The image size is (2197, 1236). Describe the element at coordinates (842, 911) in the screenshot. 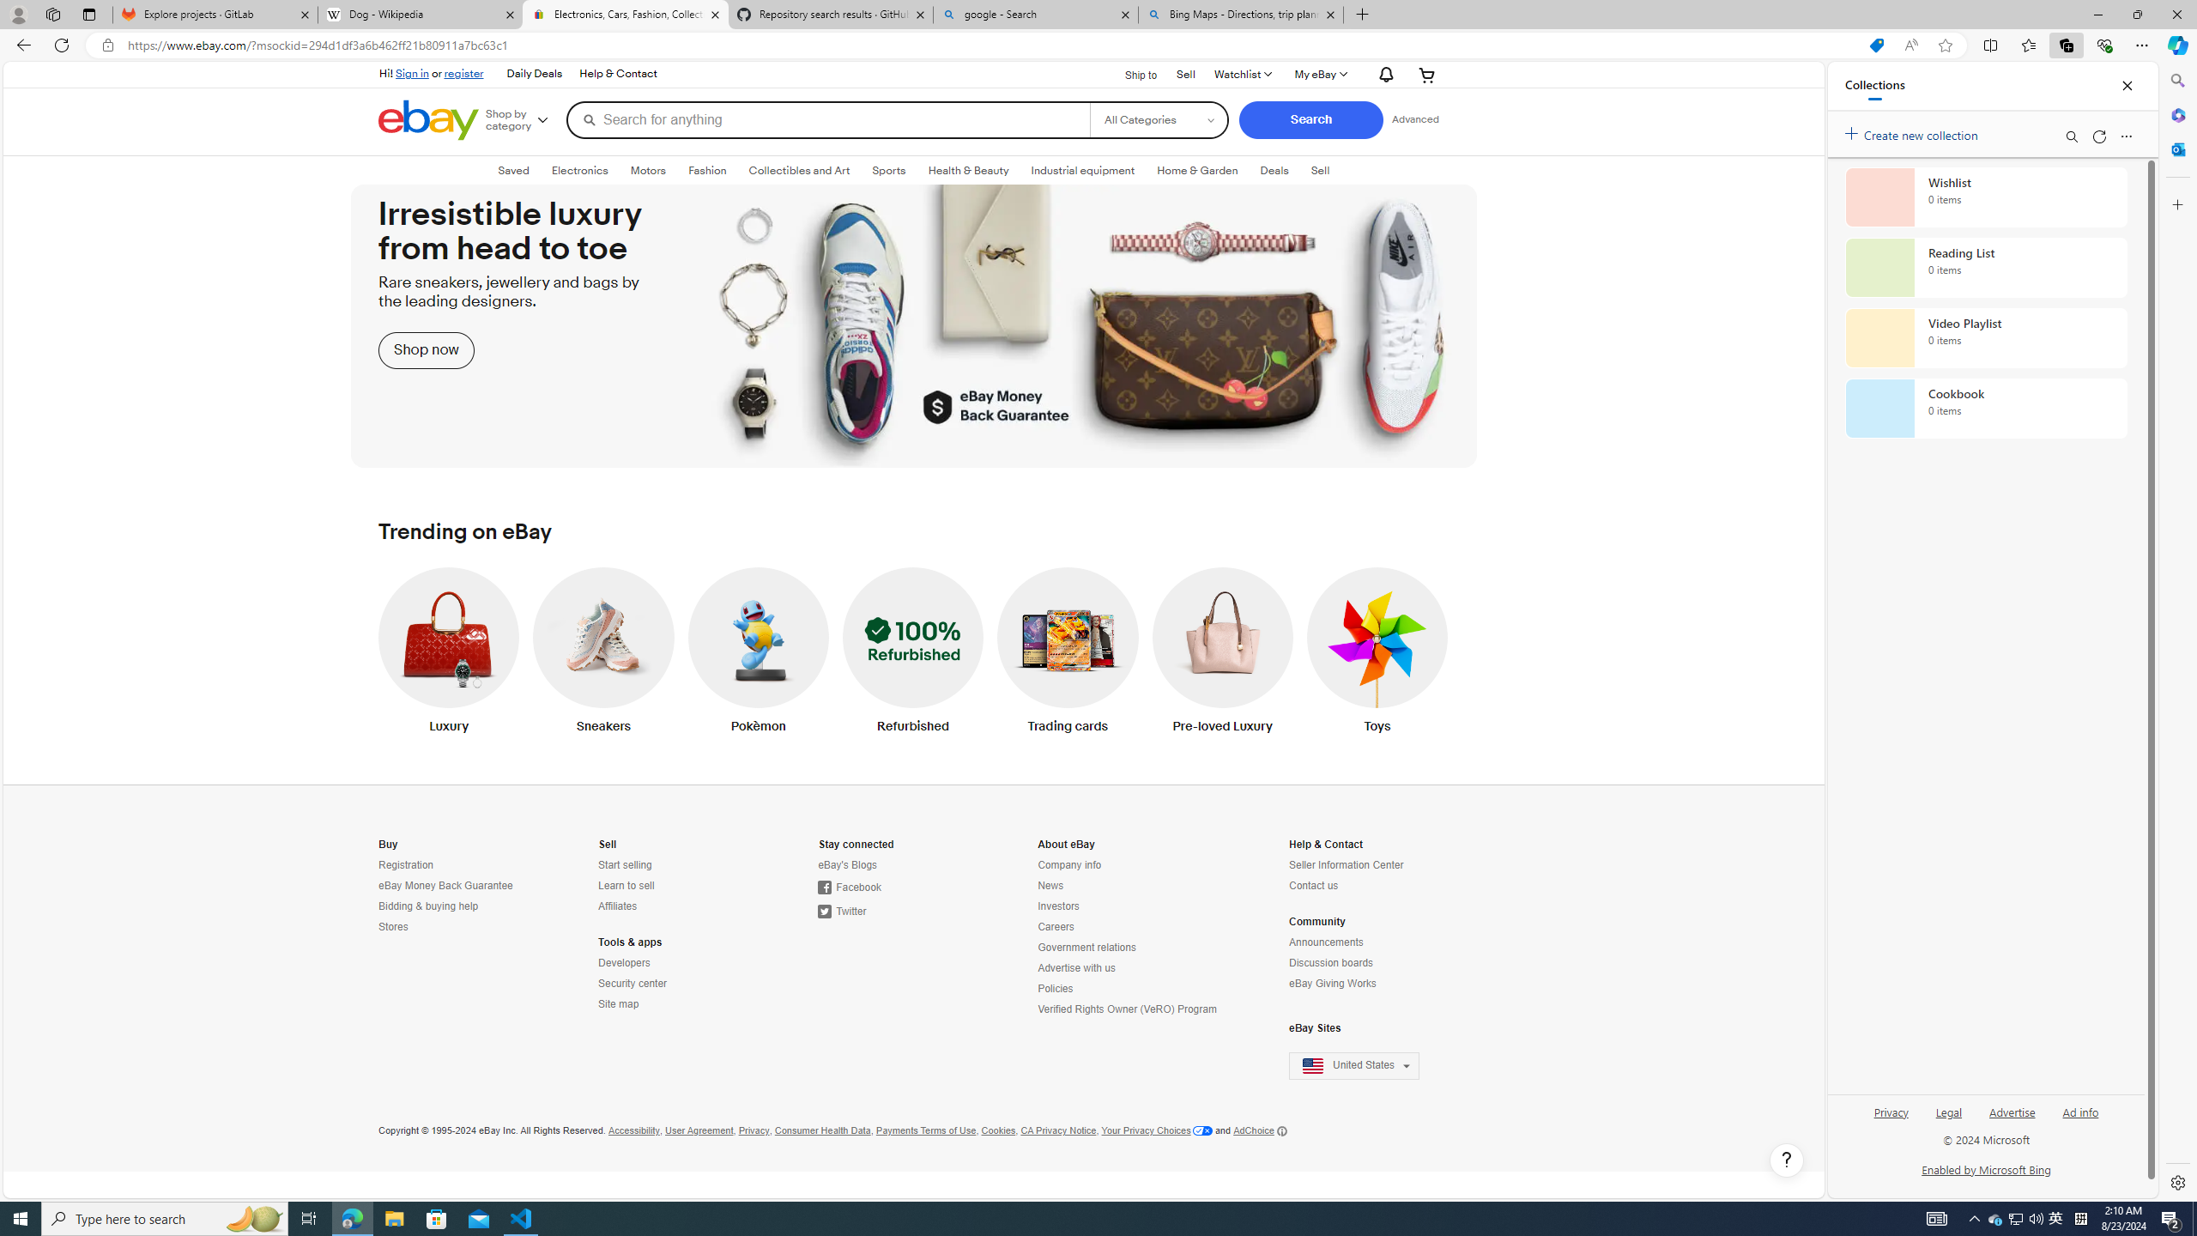

I see `'Twitter'` at that location.